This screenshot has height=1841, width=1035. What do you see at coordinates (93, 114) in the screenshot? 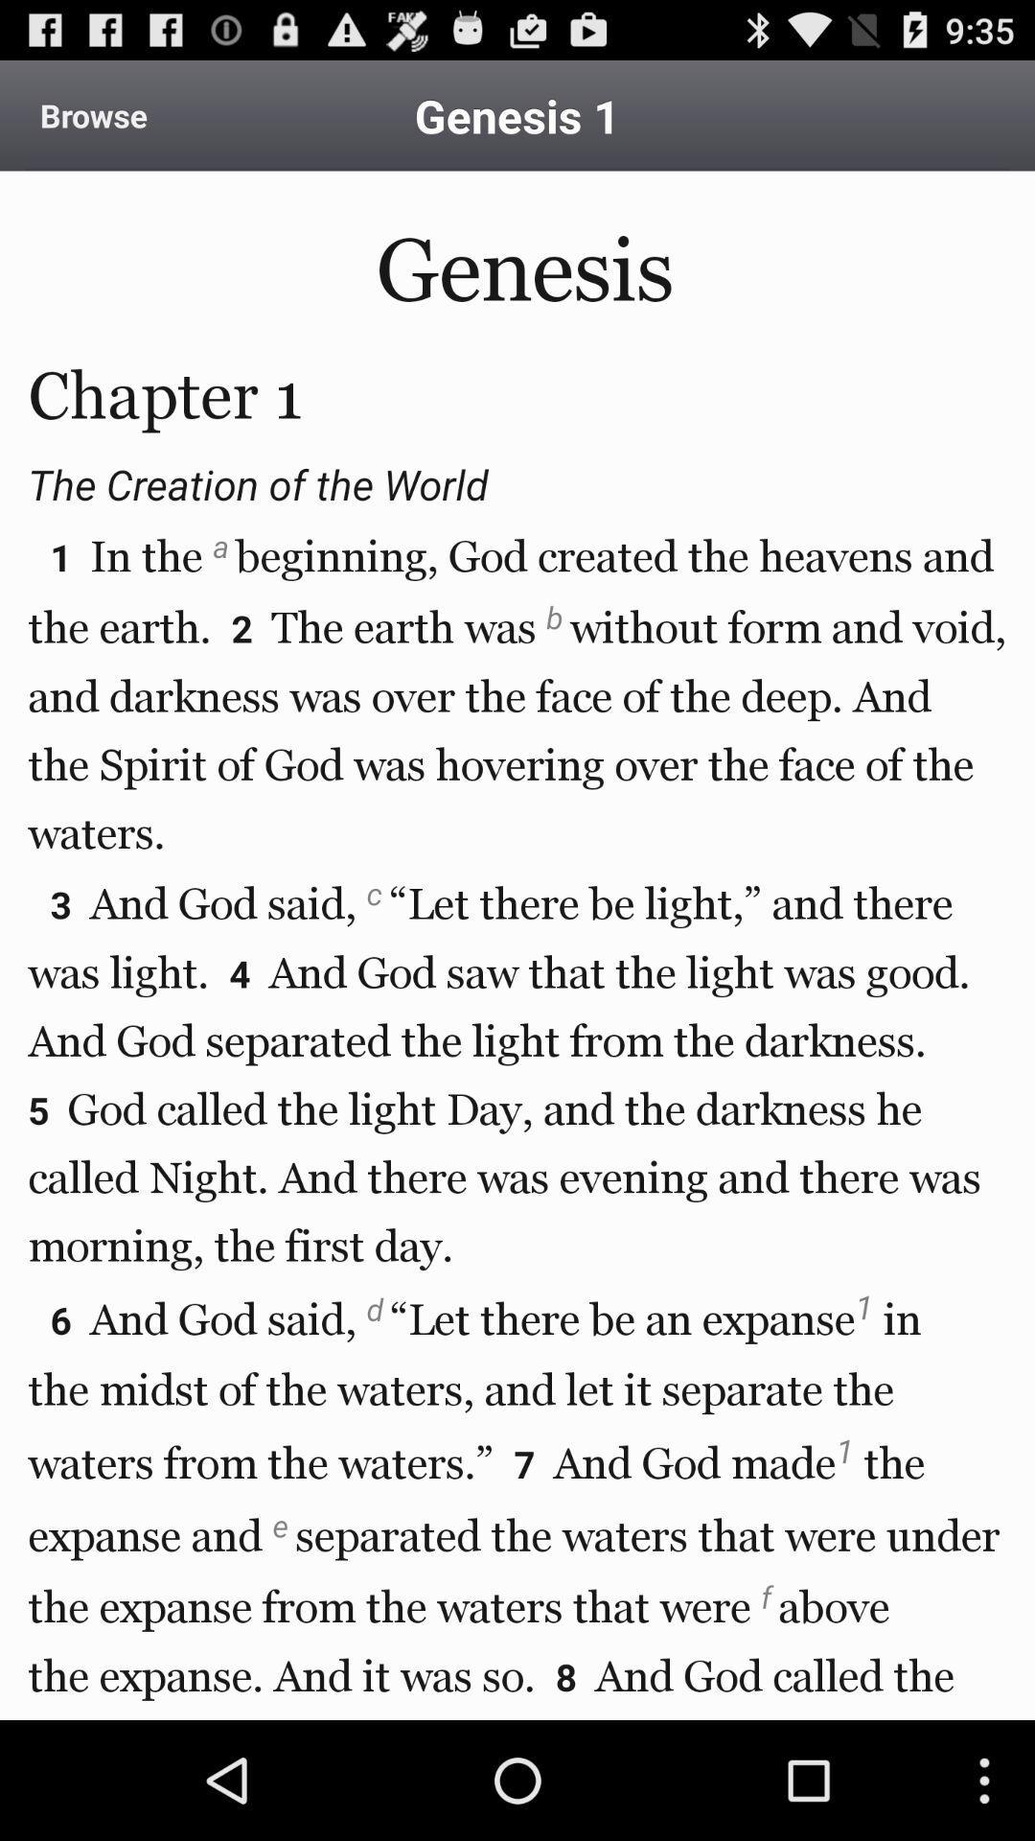
I see `the item at the top left corner` at bounding box center [93, 114].